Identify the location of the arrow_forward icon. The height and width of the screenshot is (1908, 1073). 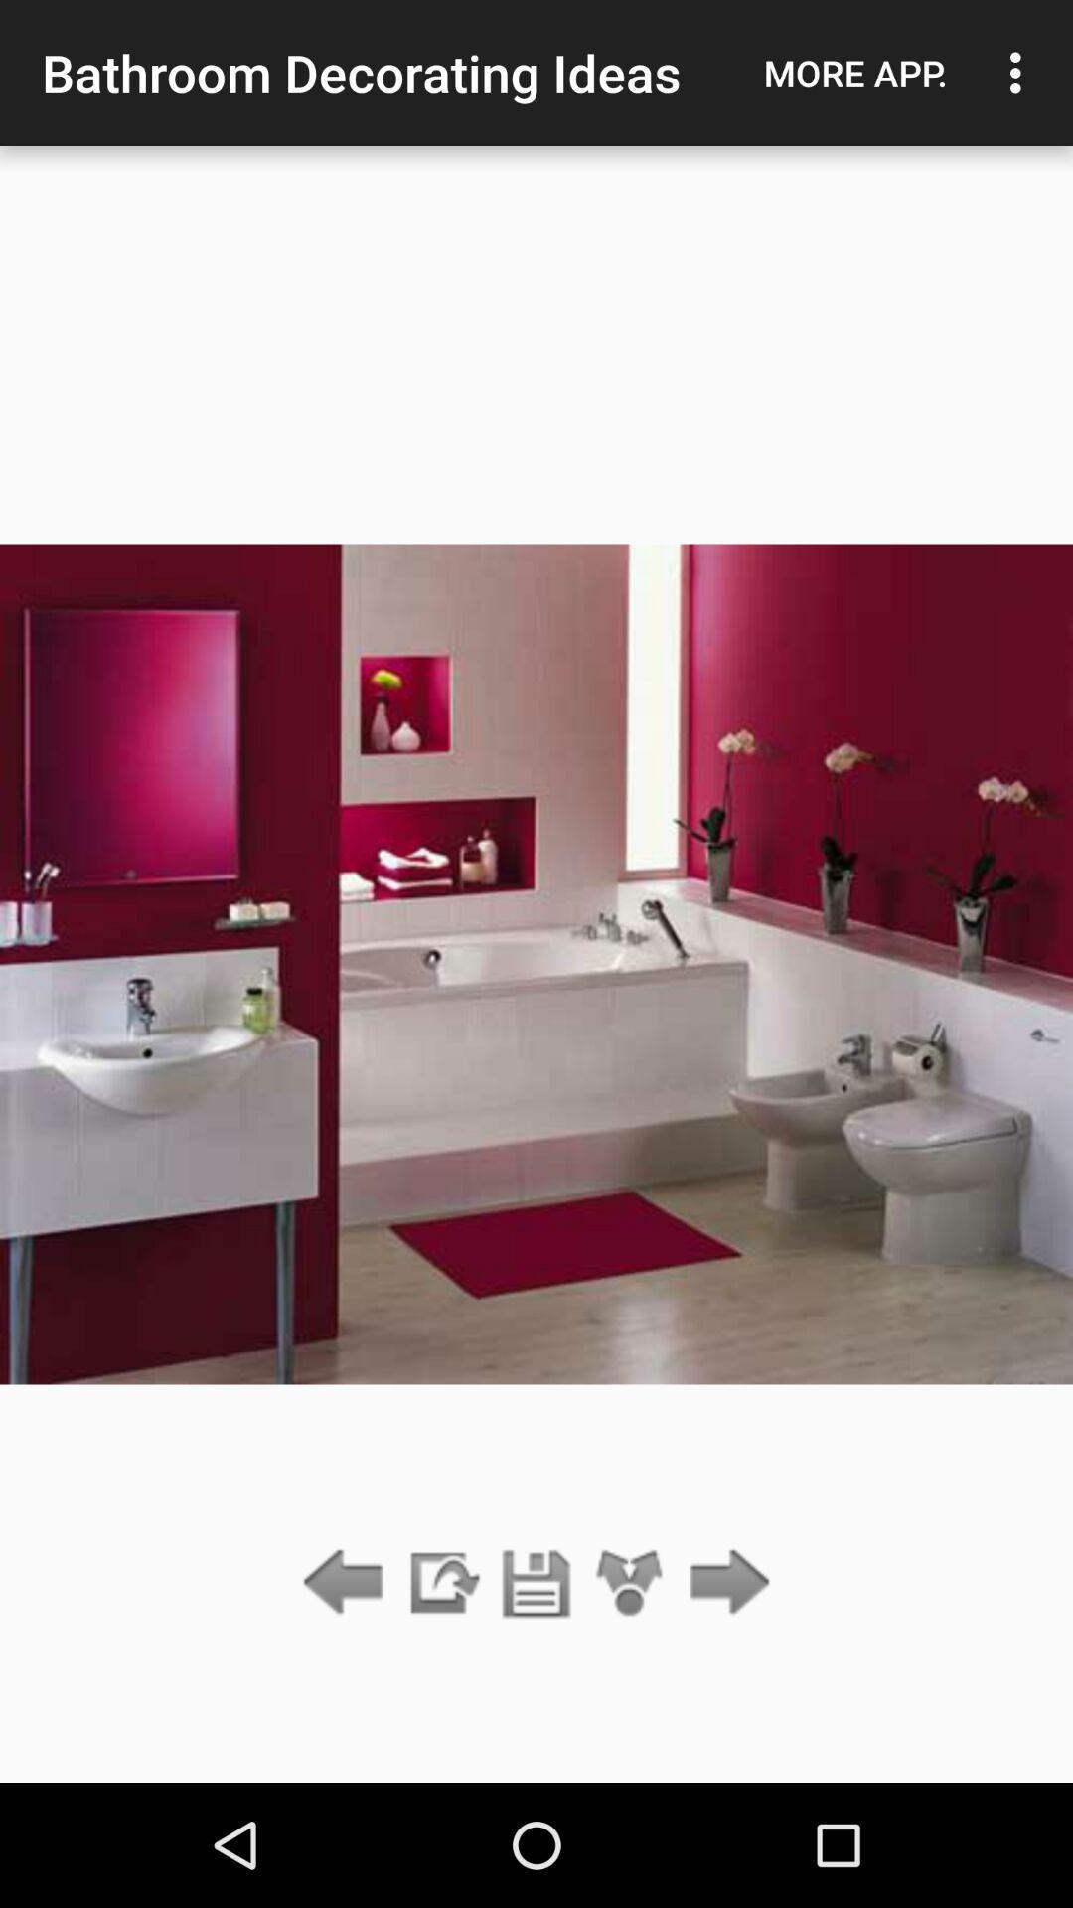
(724, 1583).